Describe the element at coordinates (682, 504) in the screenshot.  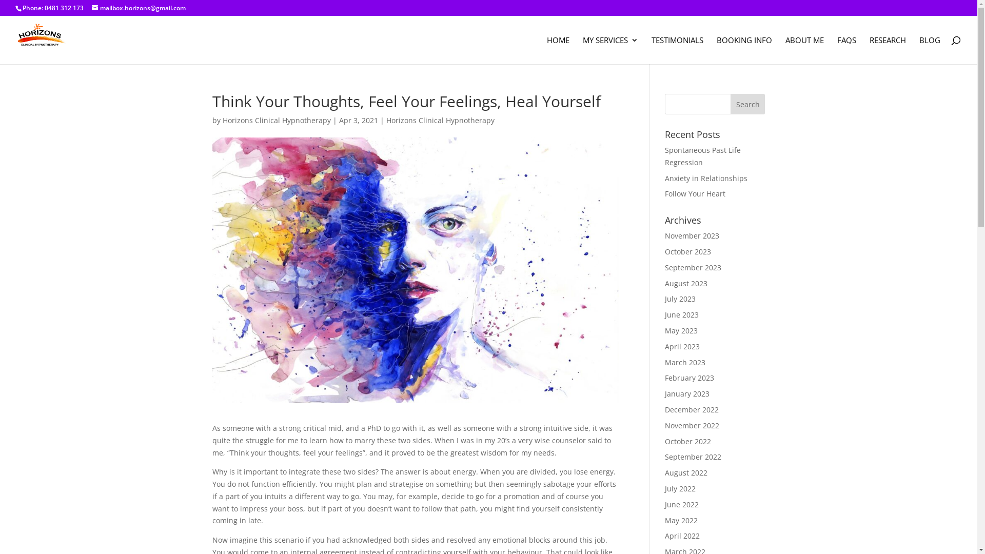
I see `'June 2022'` at that location.